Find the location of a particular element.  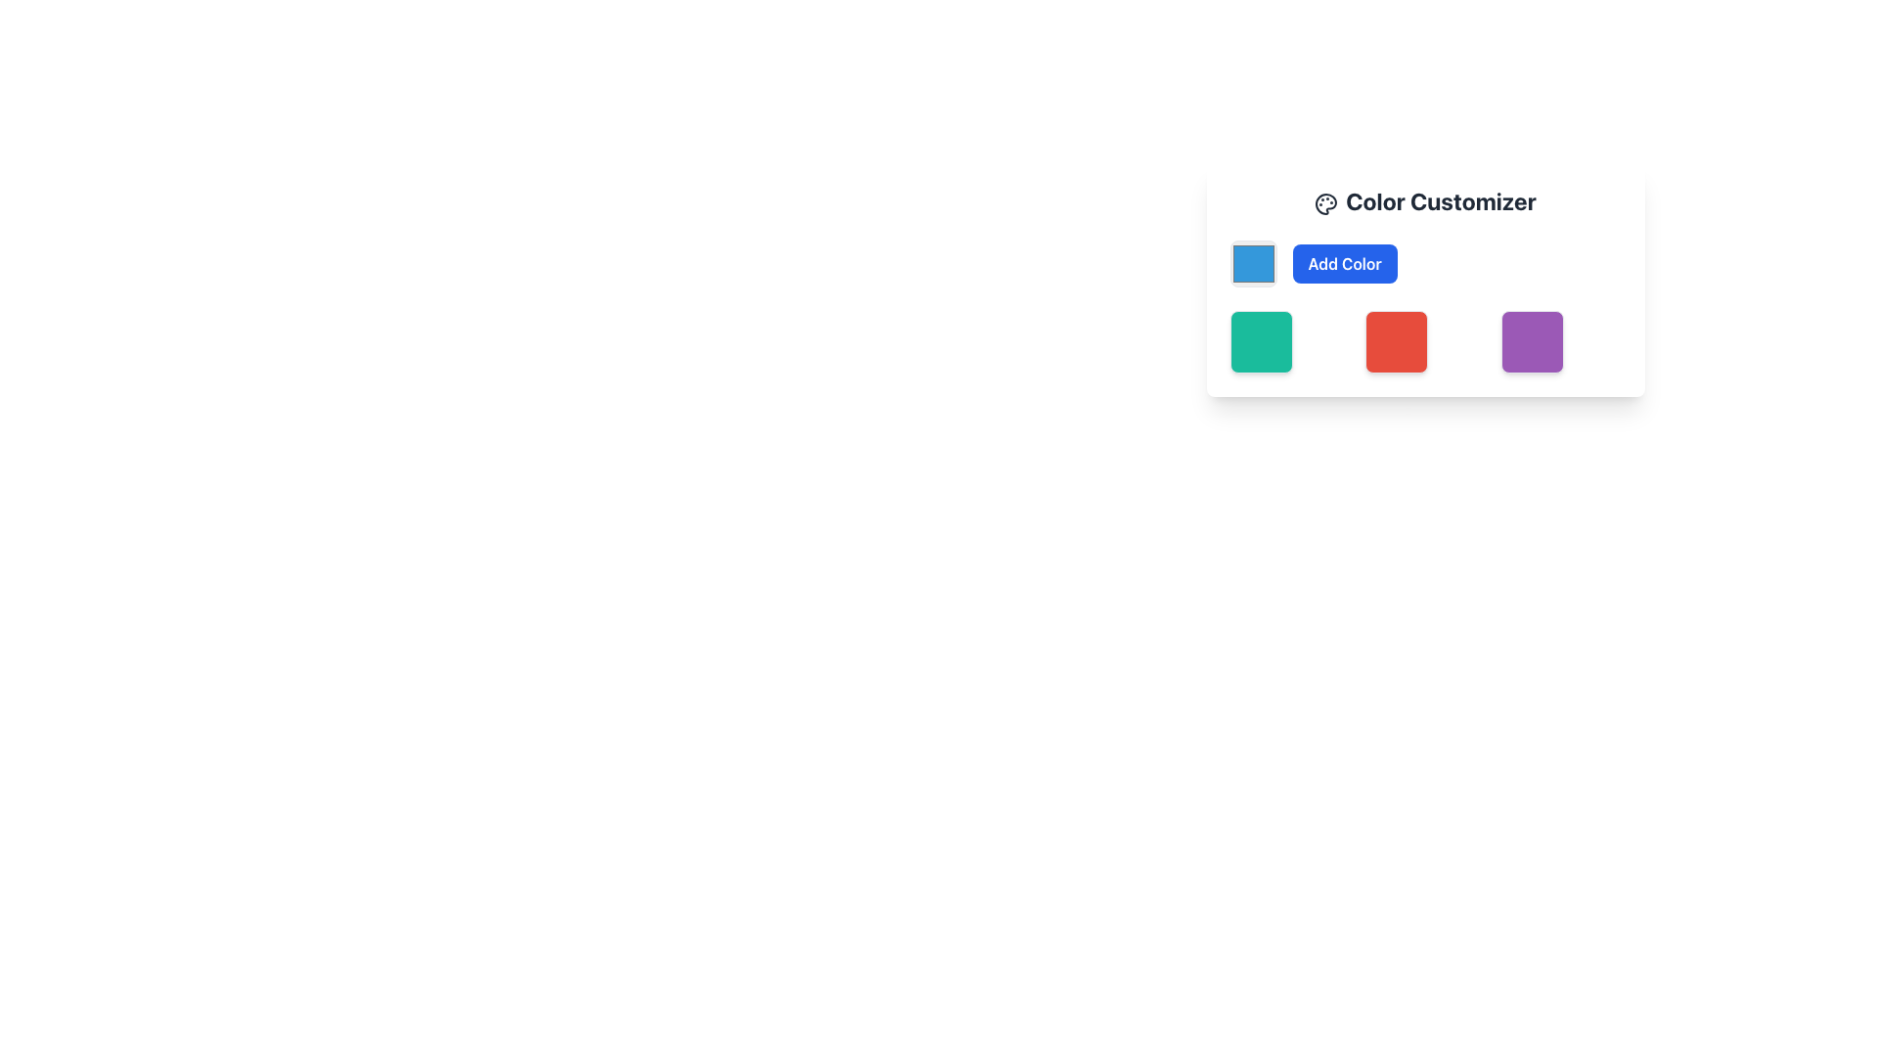

the 'Color Customizer' header text that features a palette icon on the left, styled in bold and large dark gray font is located at coordinates (1425, 200).